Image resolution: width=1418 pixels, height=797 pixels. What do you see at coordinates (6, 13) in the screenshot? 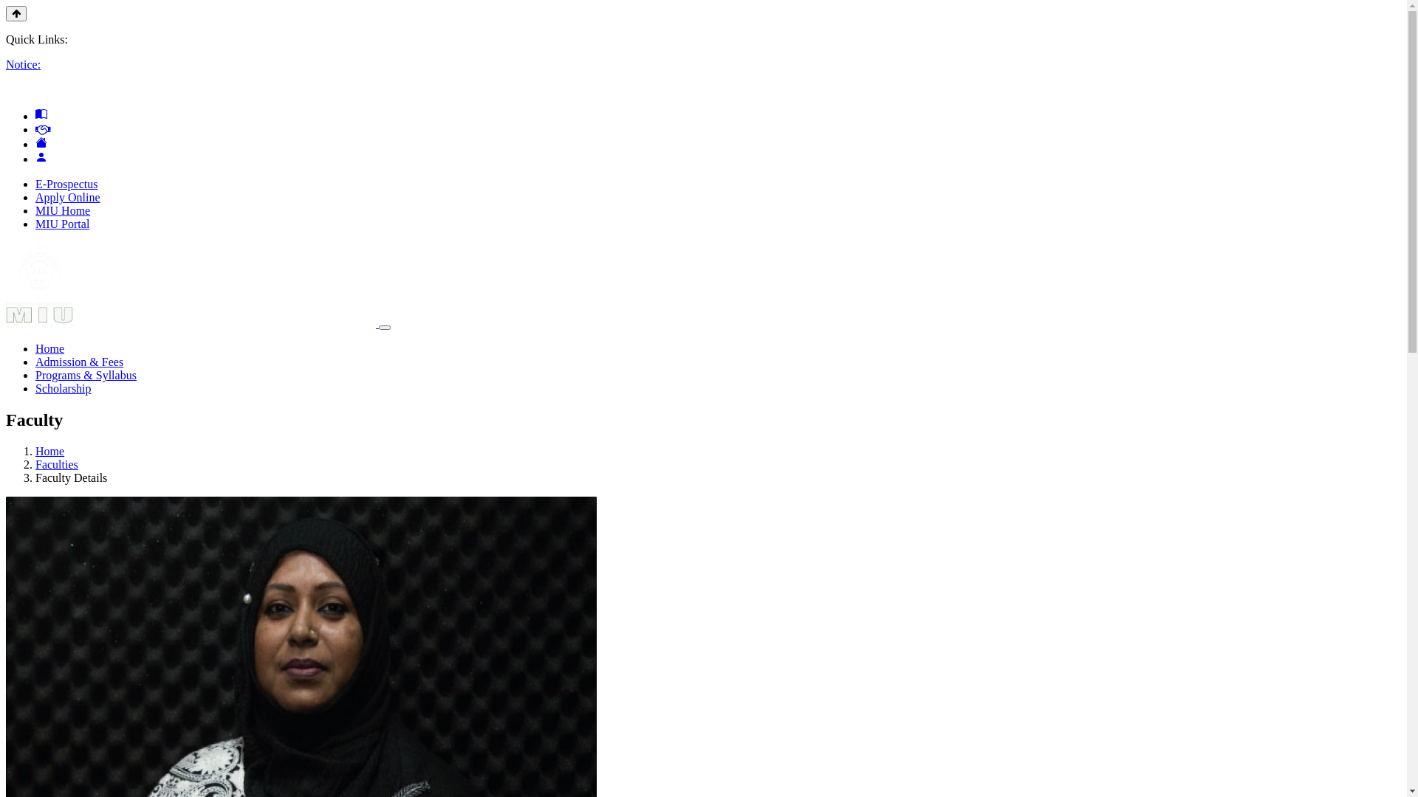
I see `'Go to top'` at bounding box center [6, 13].